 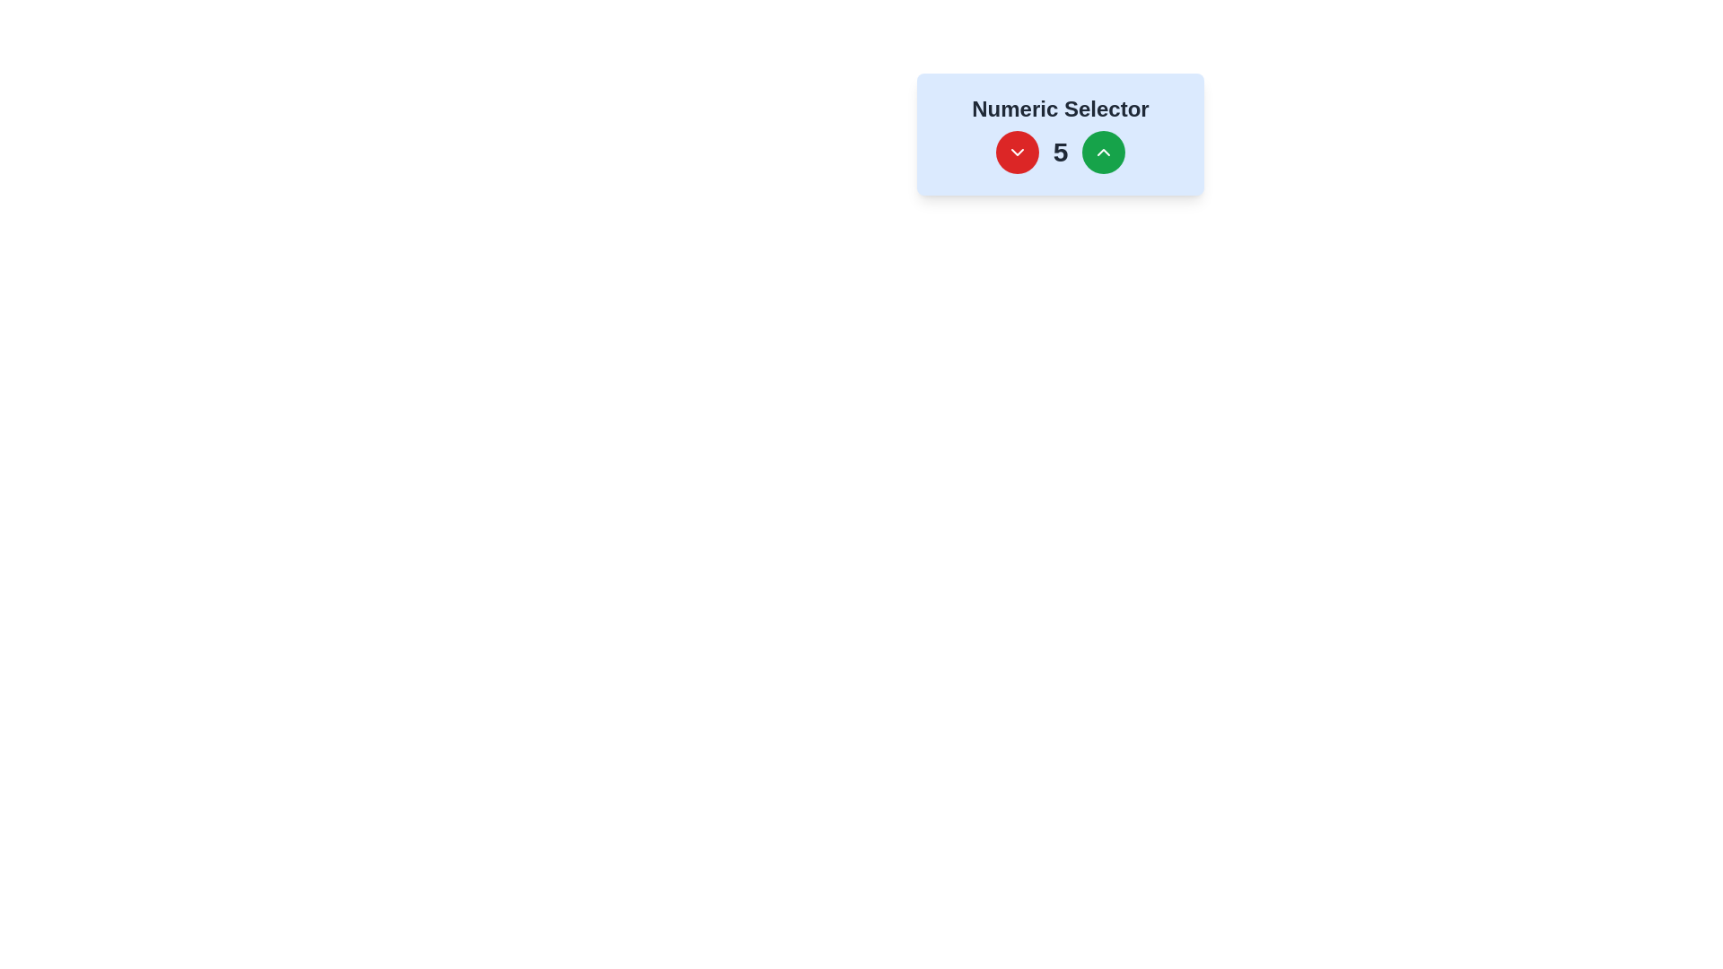 What do you see at coordinates (1060, 109) in the screenshot?
I see `the 'Numeric Selector' text label, which is a large, bold, dark gray text positioned at the top of a numeric selector interface` at bounding box center [1060, 109].